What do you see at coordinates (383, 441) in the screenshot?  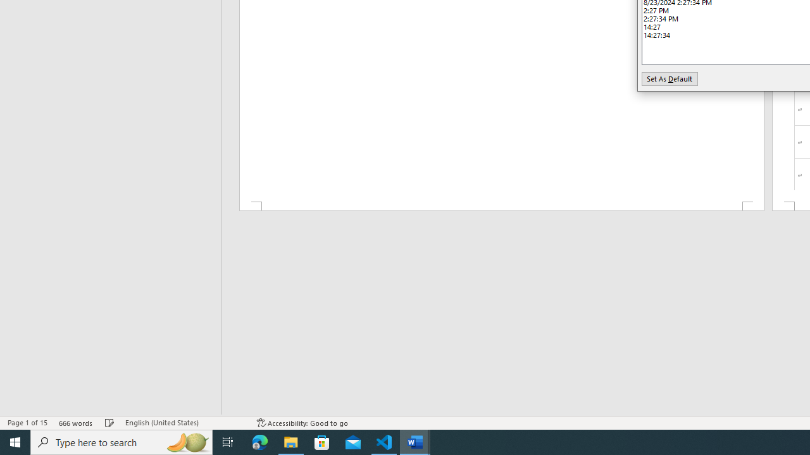 I see `'Visual Studio Code - 1 running window'` at bounding box center [383, 441].